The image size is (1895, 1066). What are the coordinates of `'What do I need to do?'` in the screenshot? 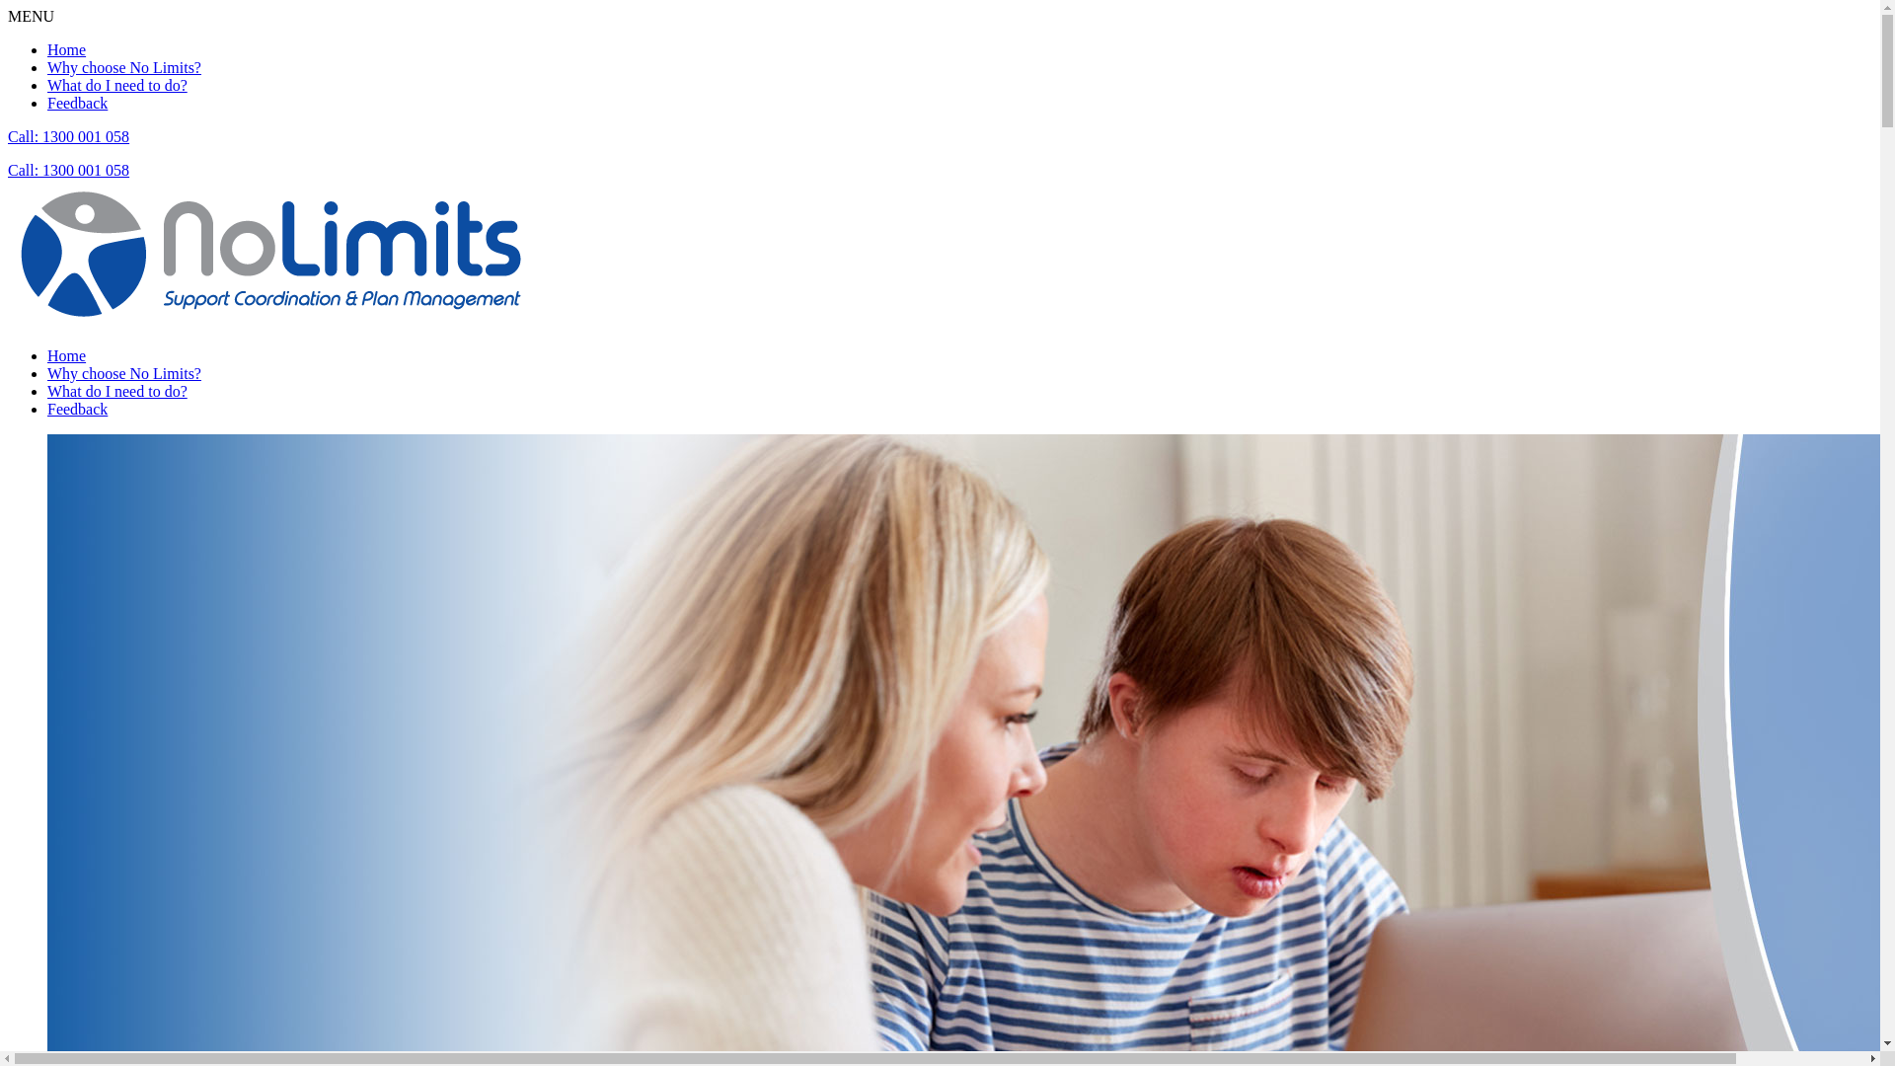 It's located at (116, 84).